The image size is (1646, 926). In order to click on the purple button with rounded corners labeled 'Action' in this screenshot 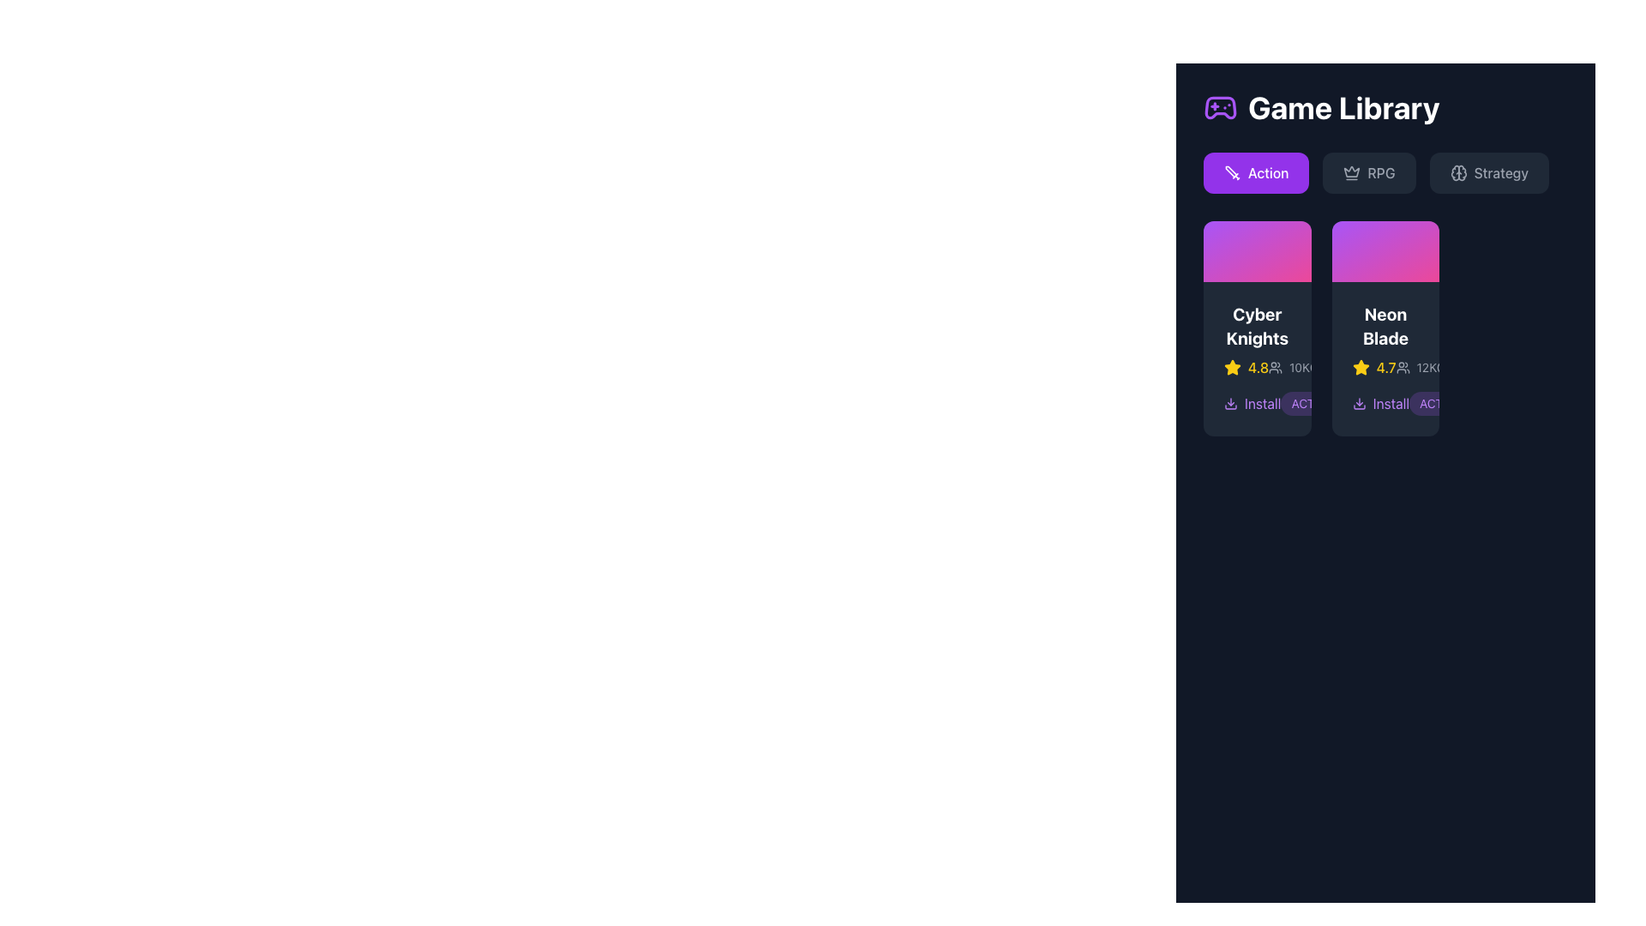, I will do `click(1256, 172)`.